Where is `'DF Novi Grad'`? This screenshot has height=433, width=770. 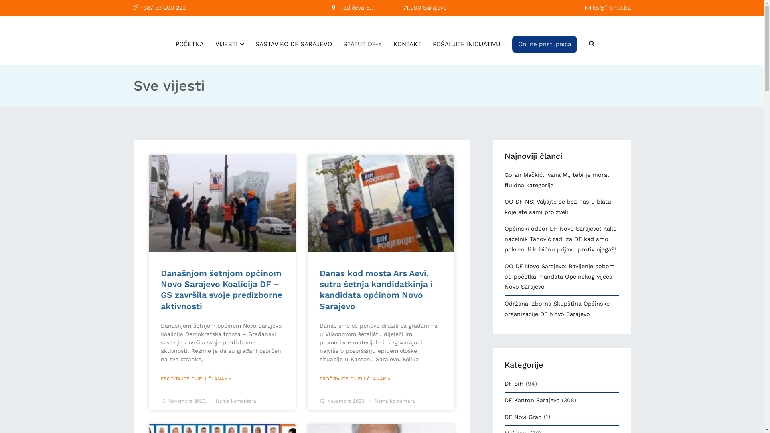 'DF Novi Grad' is located at coordinates (523, 417).